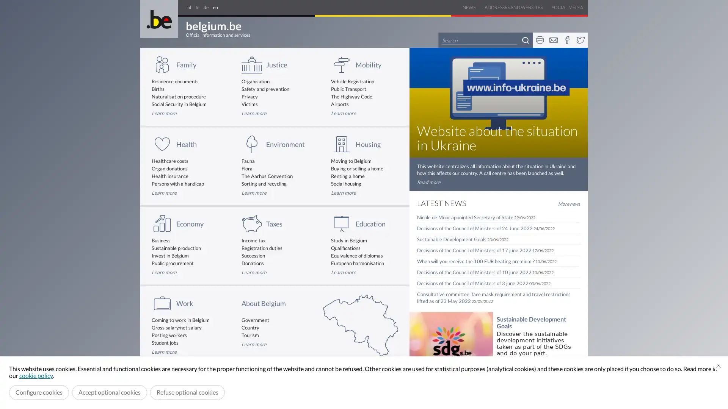 Image resolution: width=728 pixels, height=409 pixels. What do you see at coordinates (109, 392) in the screenshot?
I see `Accept optional cookies` at bounding box center [109, 392].